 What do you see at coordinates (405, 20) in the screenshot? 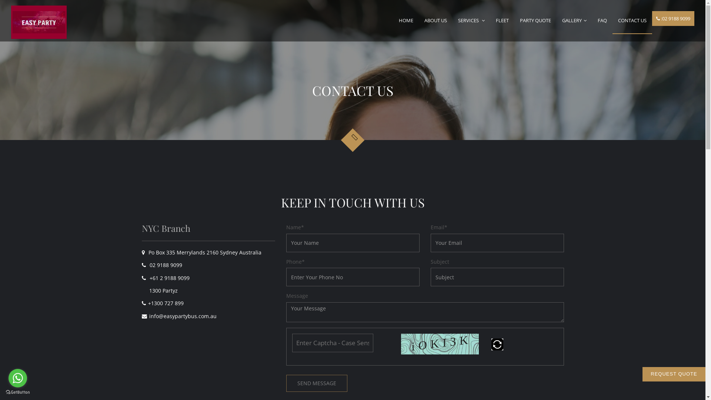
I see `'HOME'` at bounding box center [405, 20].